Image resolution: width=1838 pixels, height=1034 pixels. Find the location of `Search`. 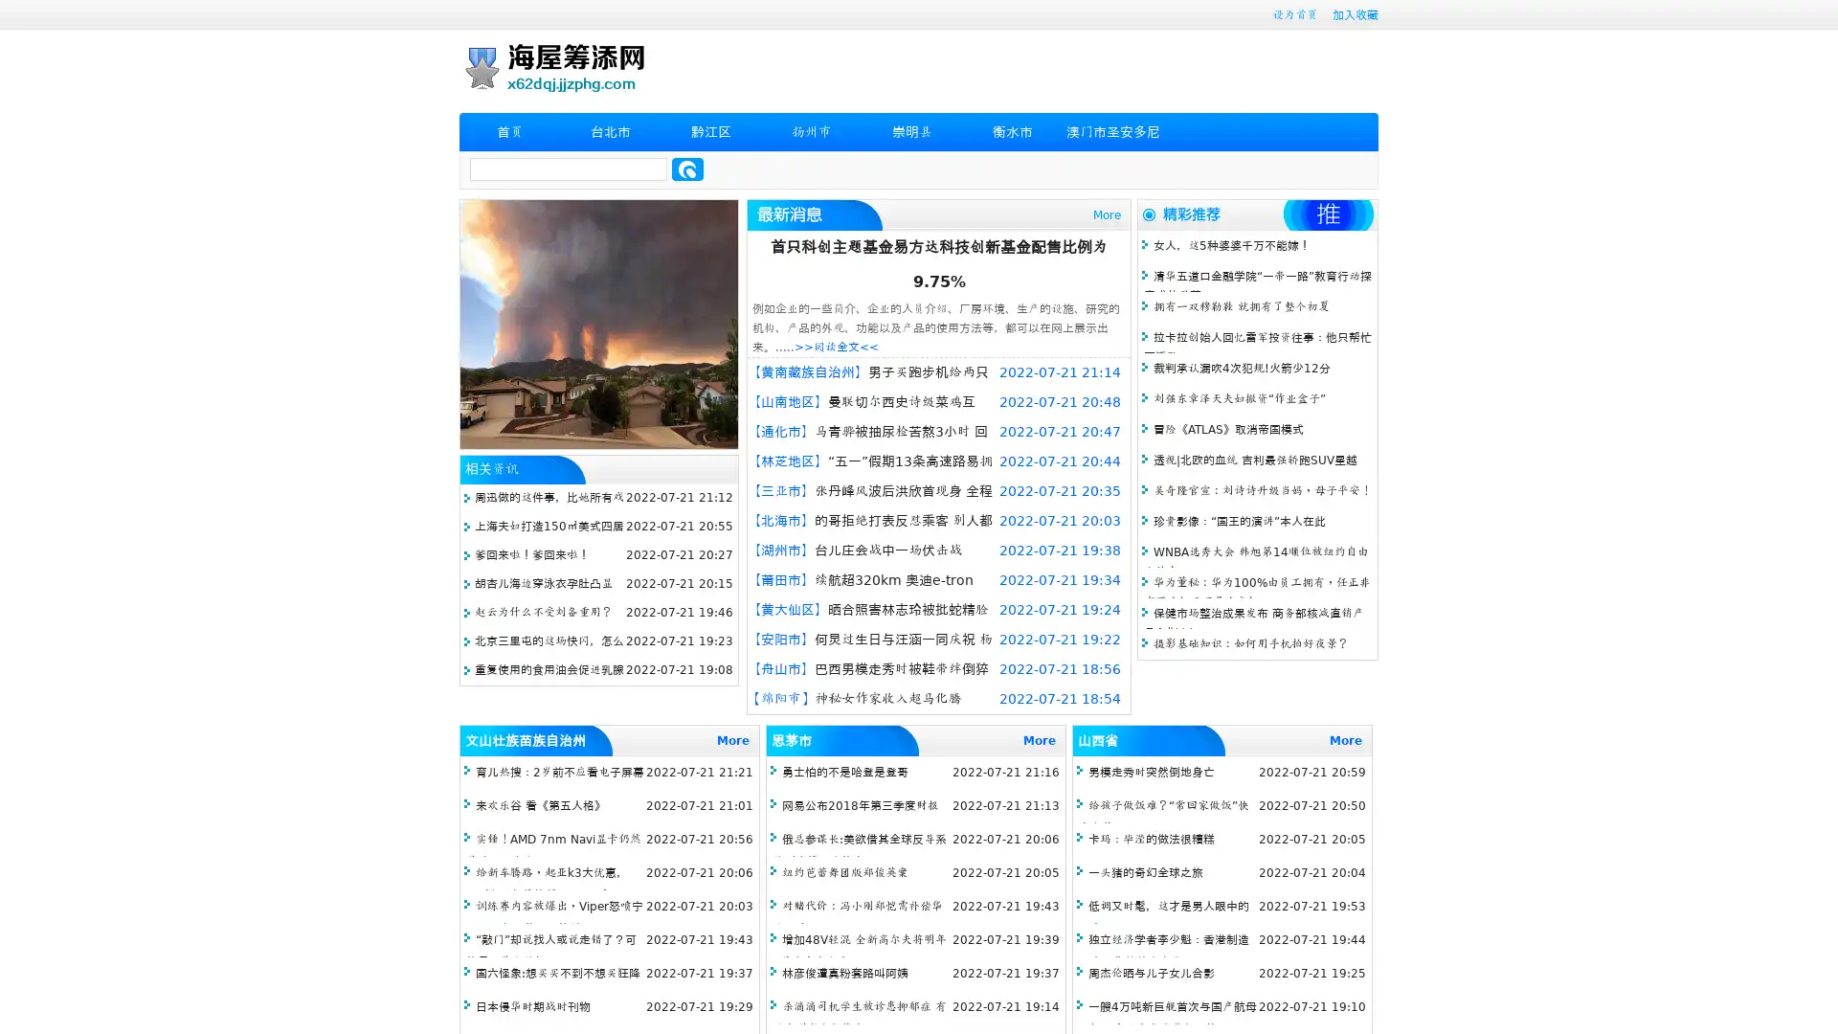

Search is located at coordinates (687, 169).